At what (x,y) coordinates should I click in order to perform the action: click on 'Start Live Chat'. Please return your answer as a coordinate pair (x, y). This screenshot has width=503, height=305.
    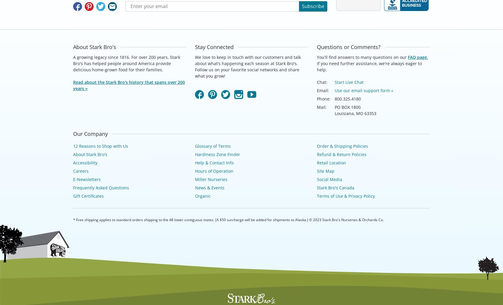
    Looking at the image, I should click on (349, 81).